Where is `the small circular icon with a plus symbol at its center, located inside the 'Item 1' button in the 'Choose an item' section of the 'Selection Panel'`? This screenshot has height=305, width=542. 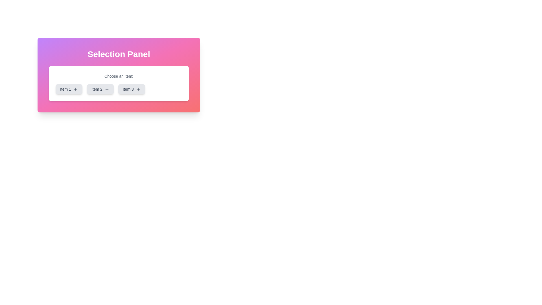
the small circular icon with a plus symbol at its center, located inside the 'Item 1' button in the 'Choose an item' section of the 'Selection Panel' is located at coordinates (75, 89).